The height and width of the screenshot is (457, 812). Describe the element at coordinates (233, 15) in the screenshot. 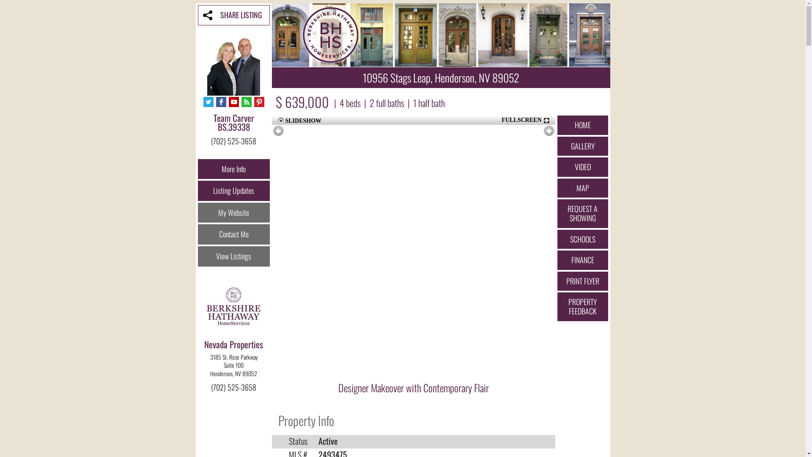

I see `'SHARE LISTING'` at that location.